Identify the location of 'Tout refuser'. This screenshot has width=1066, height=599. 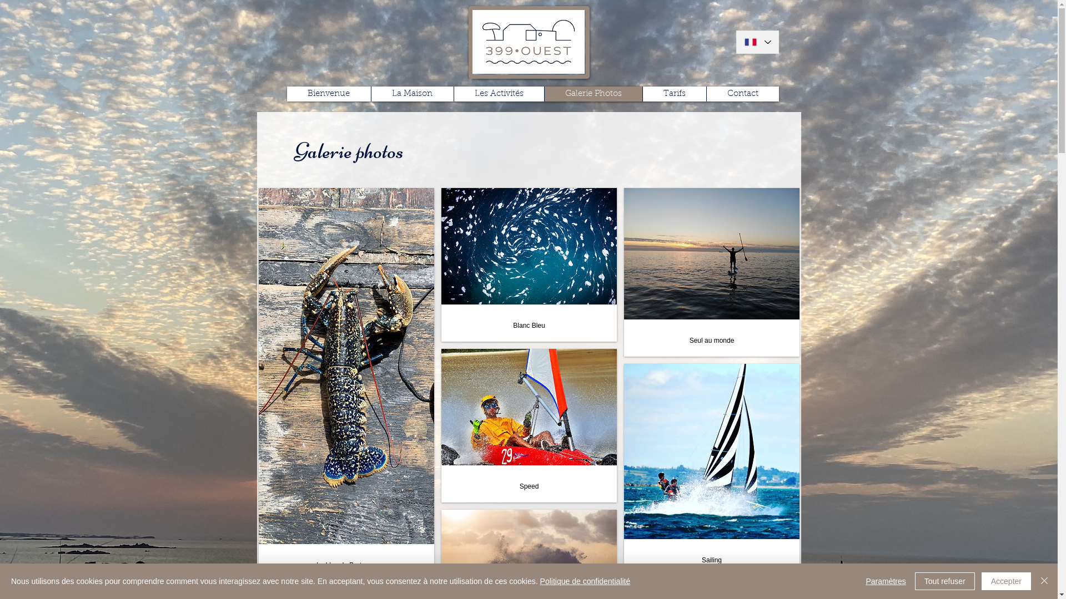
(944, 581).